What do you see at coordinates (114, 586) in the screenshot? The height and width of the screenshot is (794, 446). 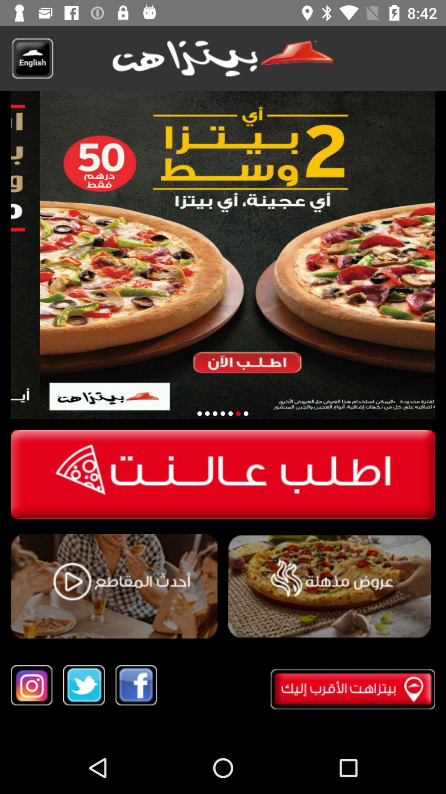 I see `video play button` at bounding box center [114, 586].